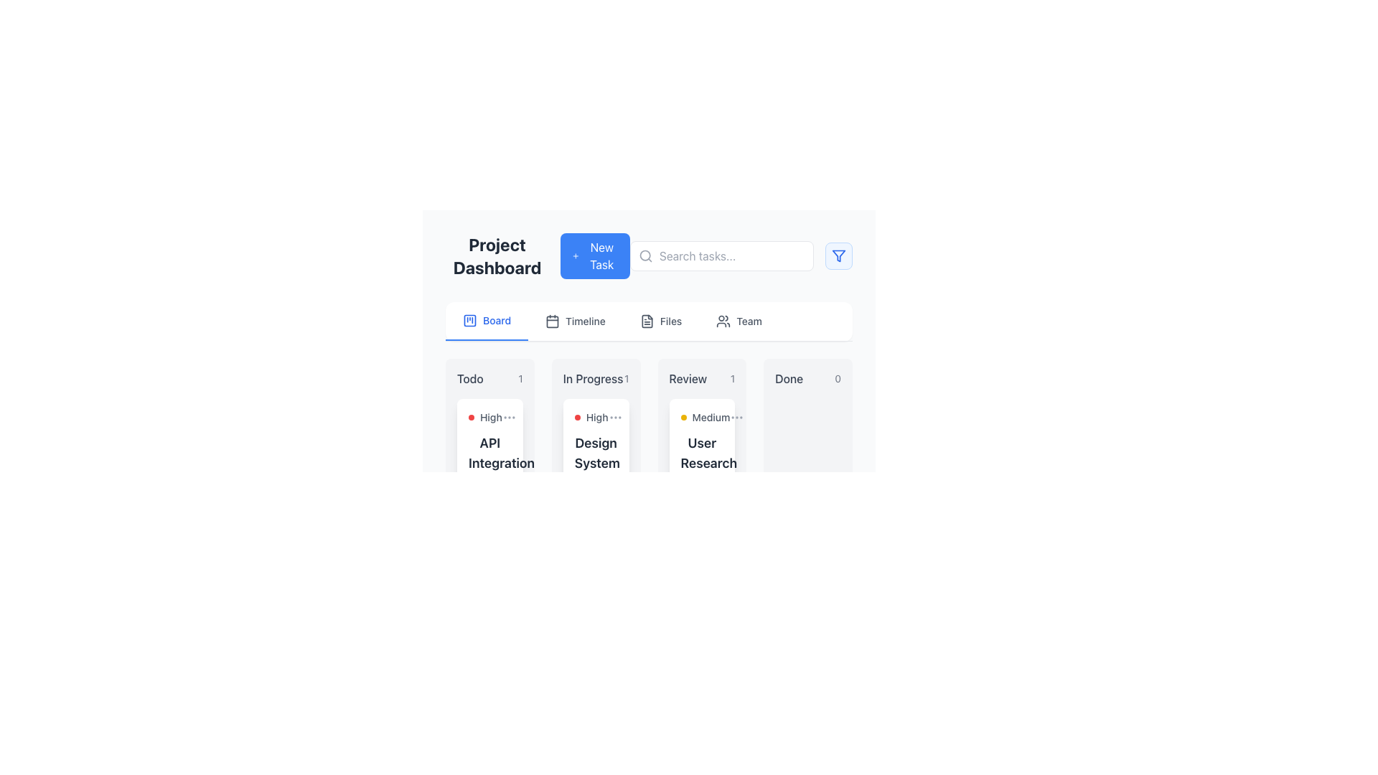 The height and width of the screenshot is (775, 1378). Describe the element at coordinates (646, 320) in the screenshot. I see `the Icon that represents or provides access to document or file management, located near the 'Board', 'Timeline', and 'Team' icons in the navigation options` at that location.